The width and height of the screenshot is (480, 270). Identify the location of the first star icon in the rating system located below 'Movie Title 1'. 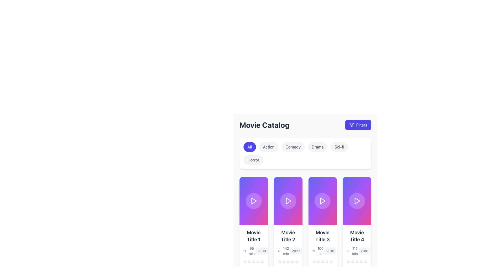
(245, 261).